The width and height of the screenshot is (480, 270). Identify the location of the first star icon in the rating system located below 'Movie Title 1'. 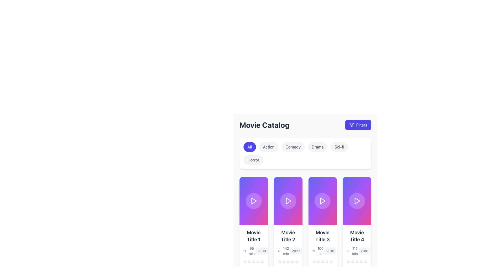
(245, 261).